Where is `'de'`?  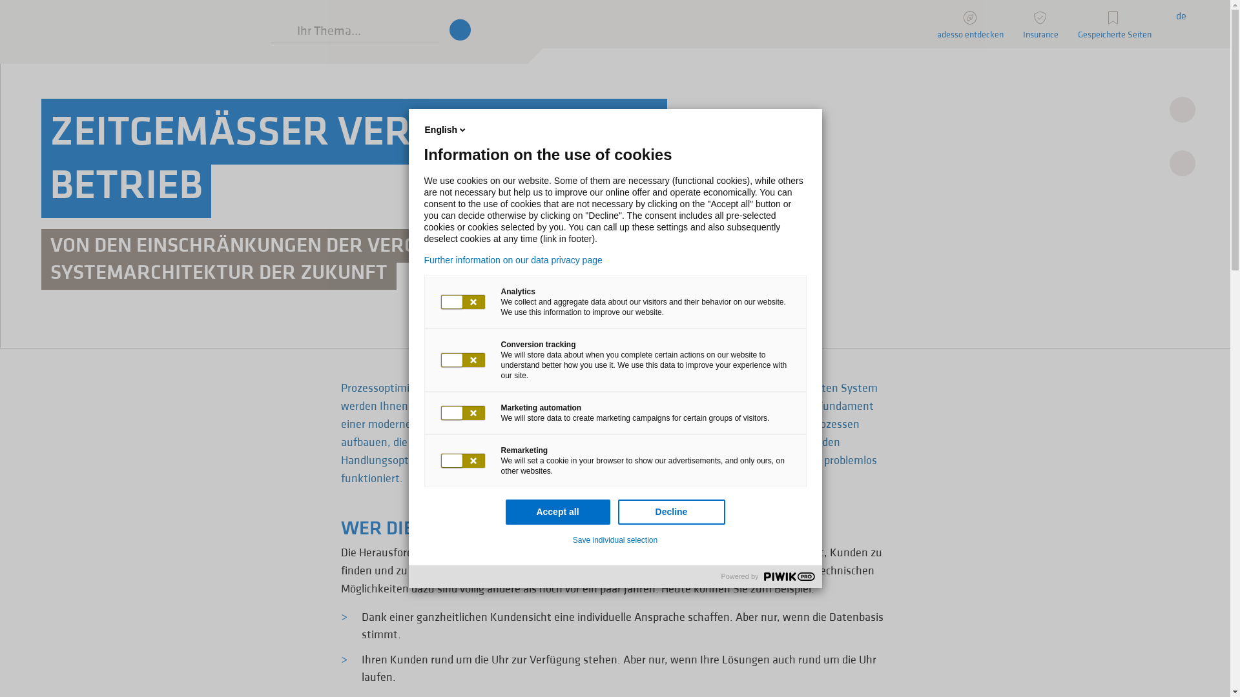 'de' is located at coordinates (1181, 14).